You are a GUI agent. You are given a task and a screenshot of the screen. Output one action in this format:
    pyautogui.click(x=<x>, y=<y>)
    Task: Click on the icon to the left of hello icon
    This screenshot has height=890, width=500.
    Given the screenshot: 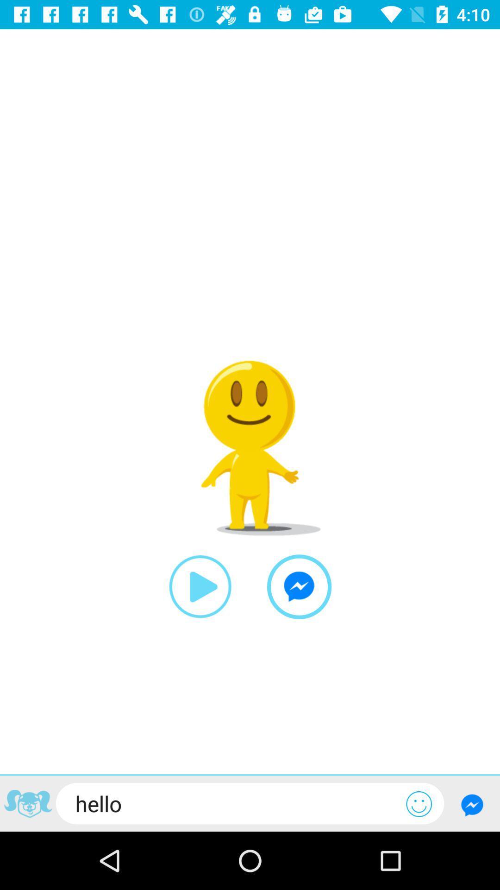 What is the action you would take?
    pyautogui.click(x=27, y=805)
    